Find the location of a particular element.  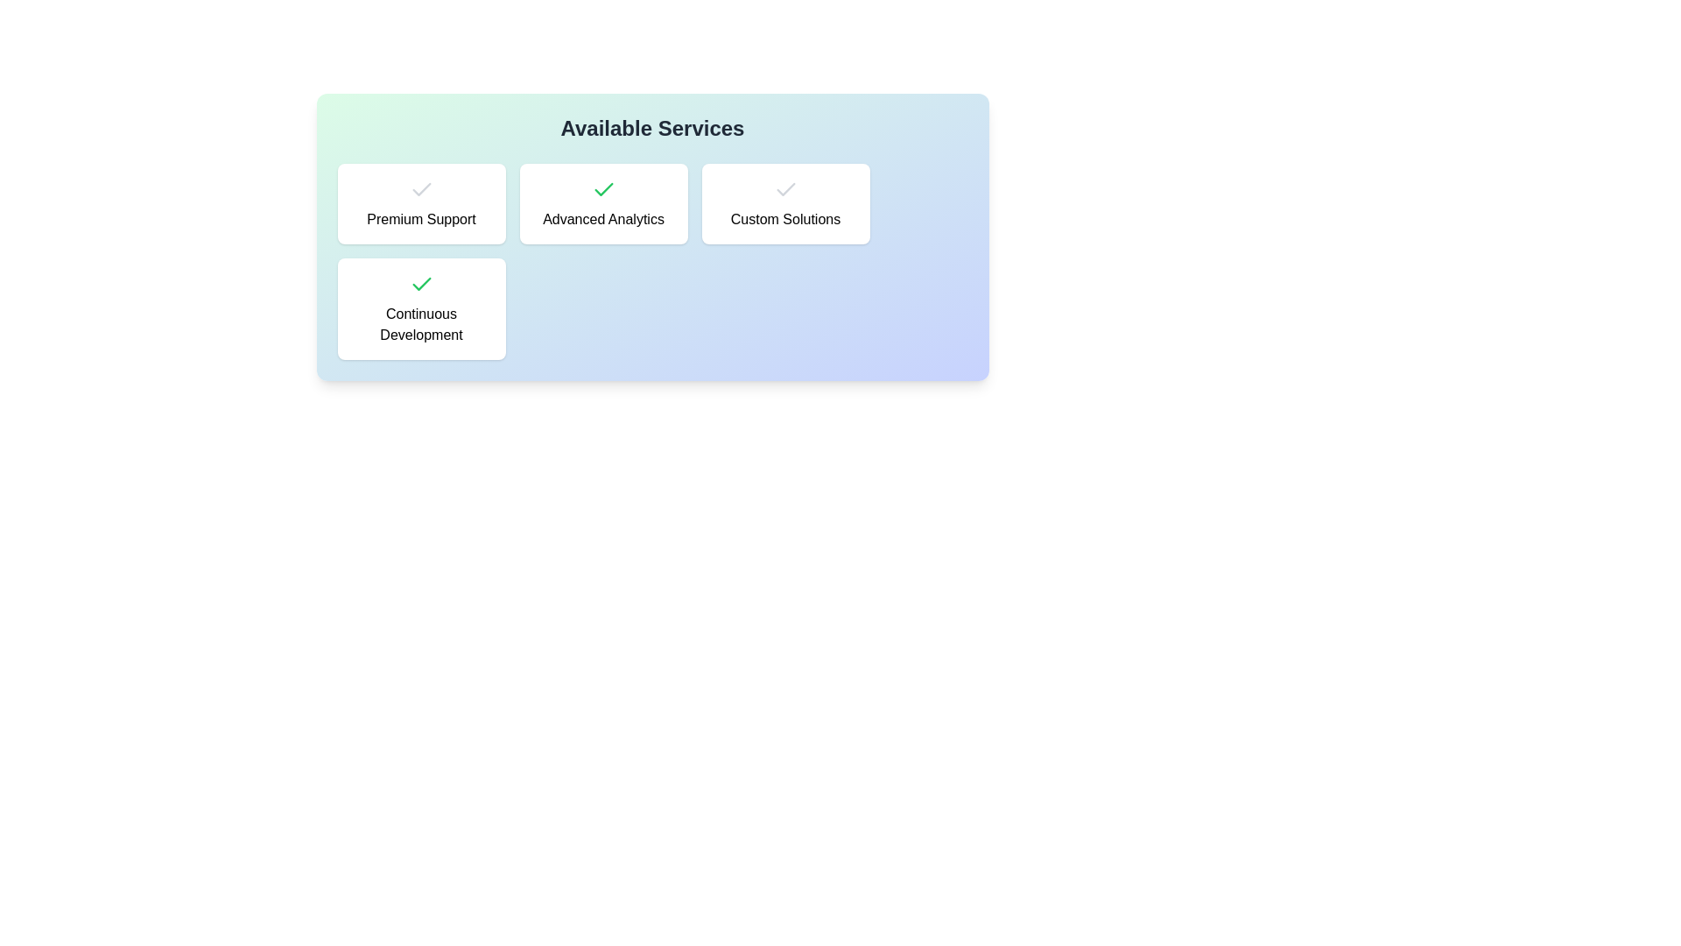

the rectangular card with a white background and checkmark icon above the text 'Custom Solutions', located in the rightmost column of the top row within a four-item grid is located at coordinates (784, 202).